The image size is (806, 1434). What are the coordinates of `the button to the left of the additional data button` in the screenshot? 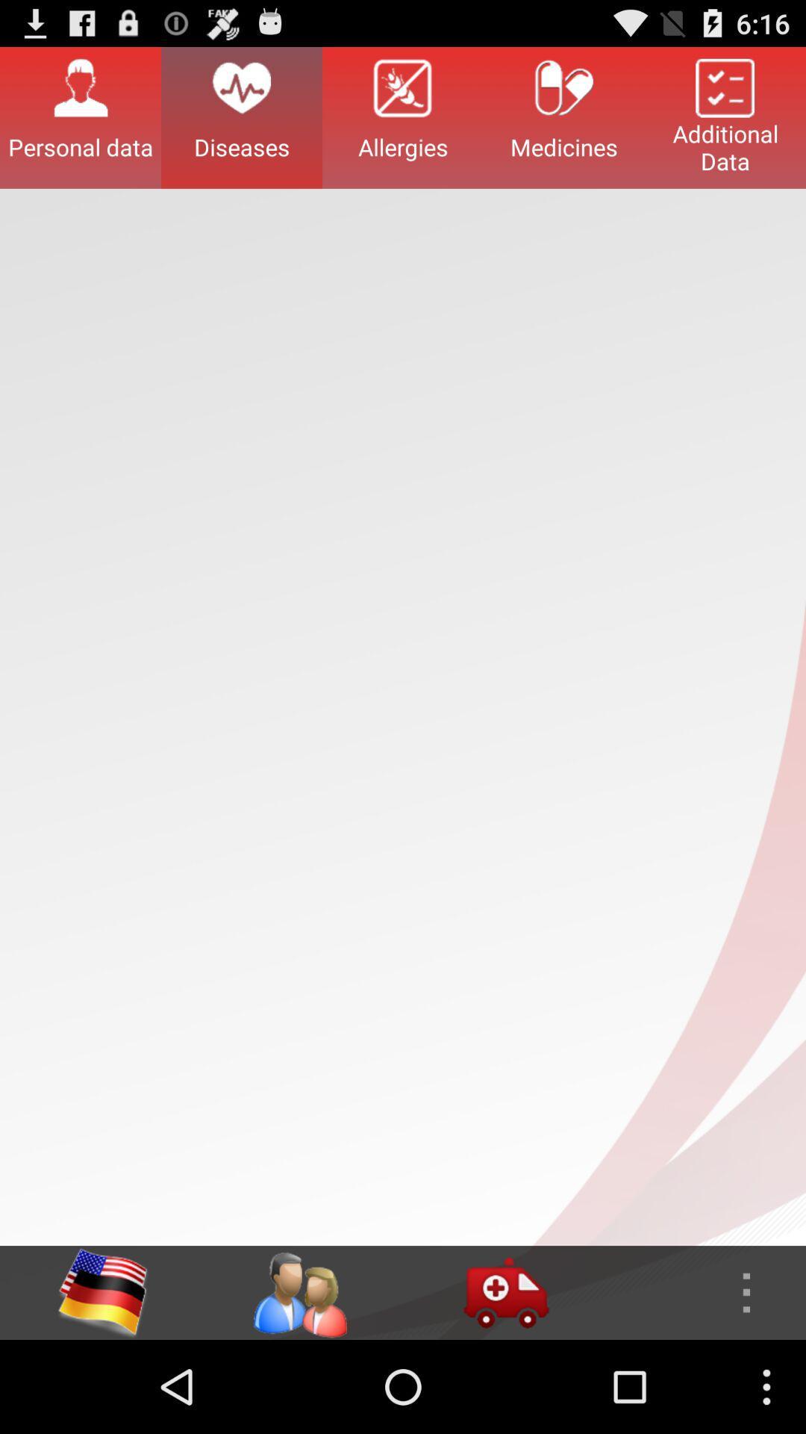 It's located at (564, 117).